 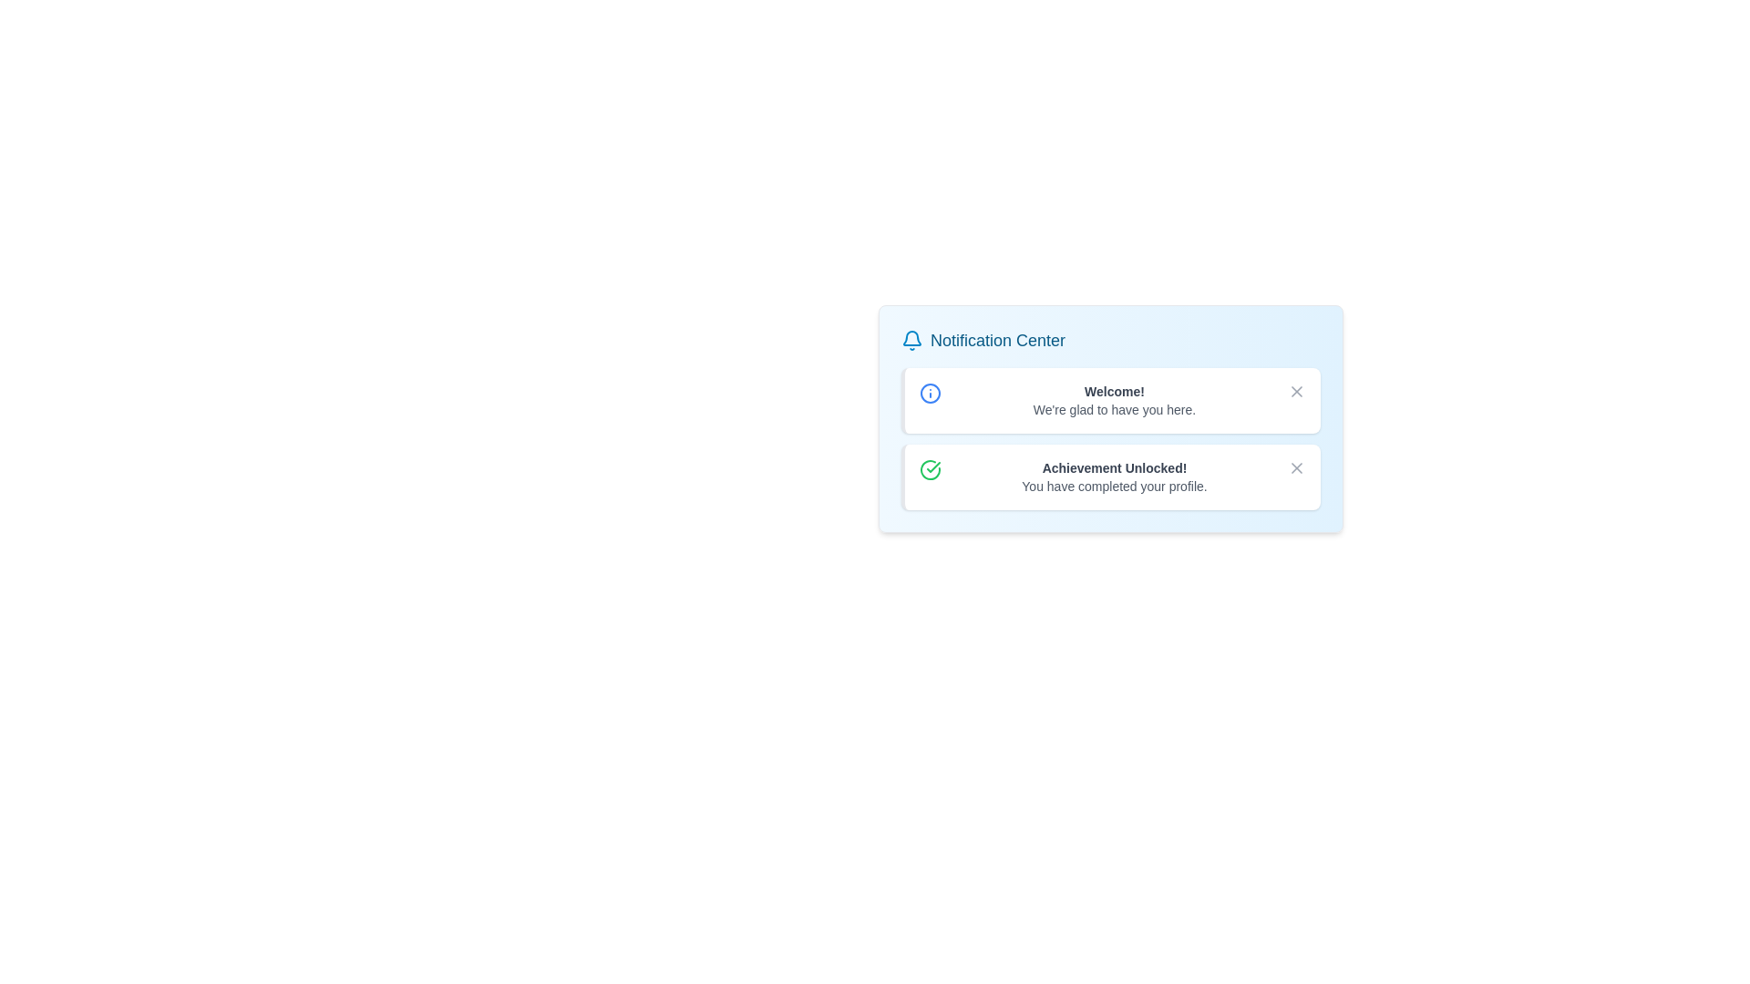 What do you see at coordinates (1295, 466) in the screenshot?
I see `the close icon represented by the 'X' shape located inside the close icon button at the top-right corner of the second notification card` at bounding box center [1295, 466].